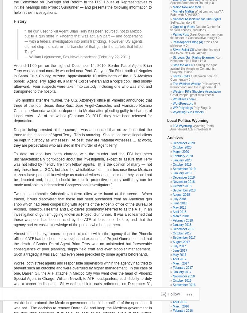  What do you see at coordinates (179, 246) in the screenshot?
I see `'July 2017'` at bounding box center [179, 246].